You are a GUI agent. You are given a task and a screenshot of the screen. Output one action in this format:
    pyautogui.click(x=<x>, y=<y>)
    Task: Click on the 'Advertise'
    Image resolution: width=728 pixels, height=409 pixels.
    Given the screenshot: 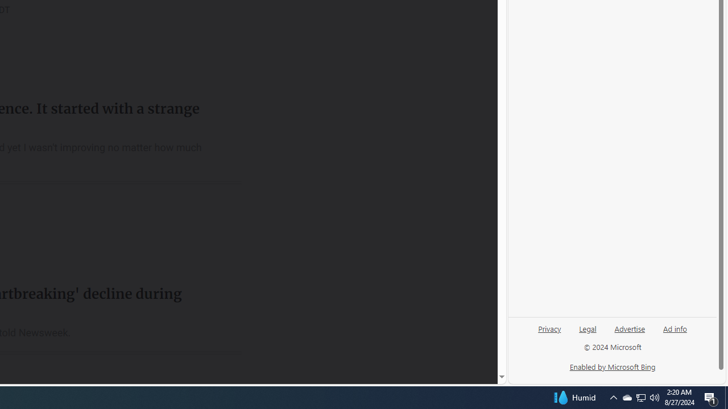 What is the action you would take?
    pyautogui.click(x=629, y=332)
    